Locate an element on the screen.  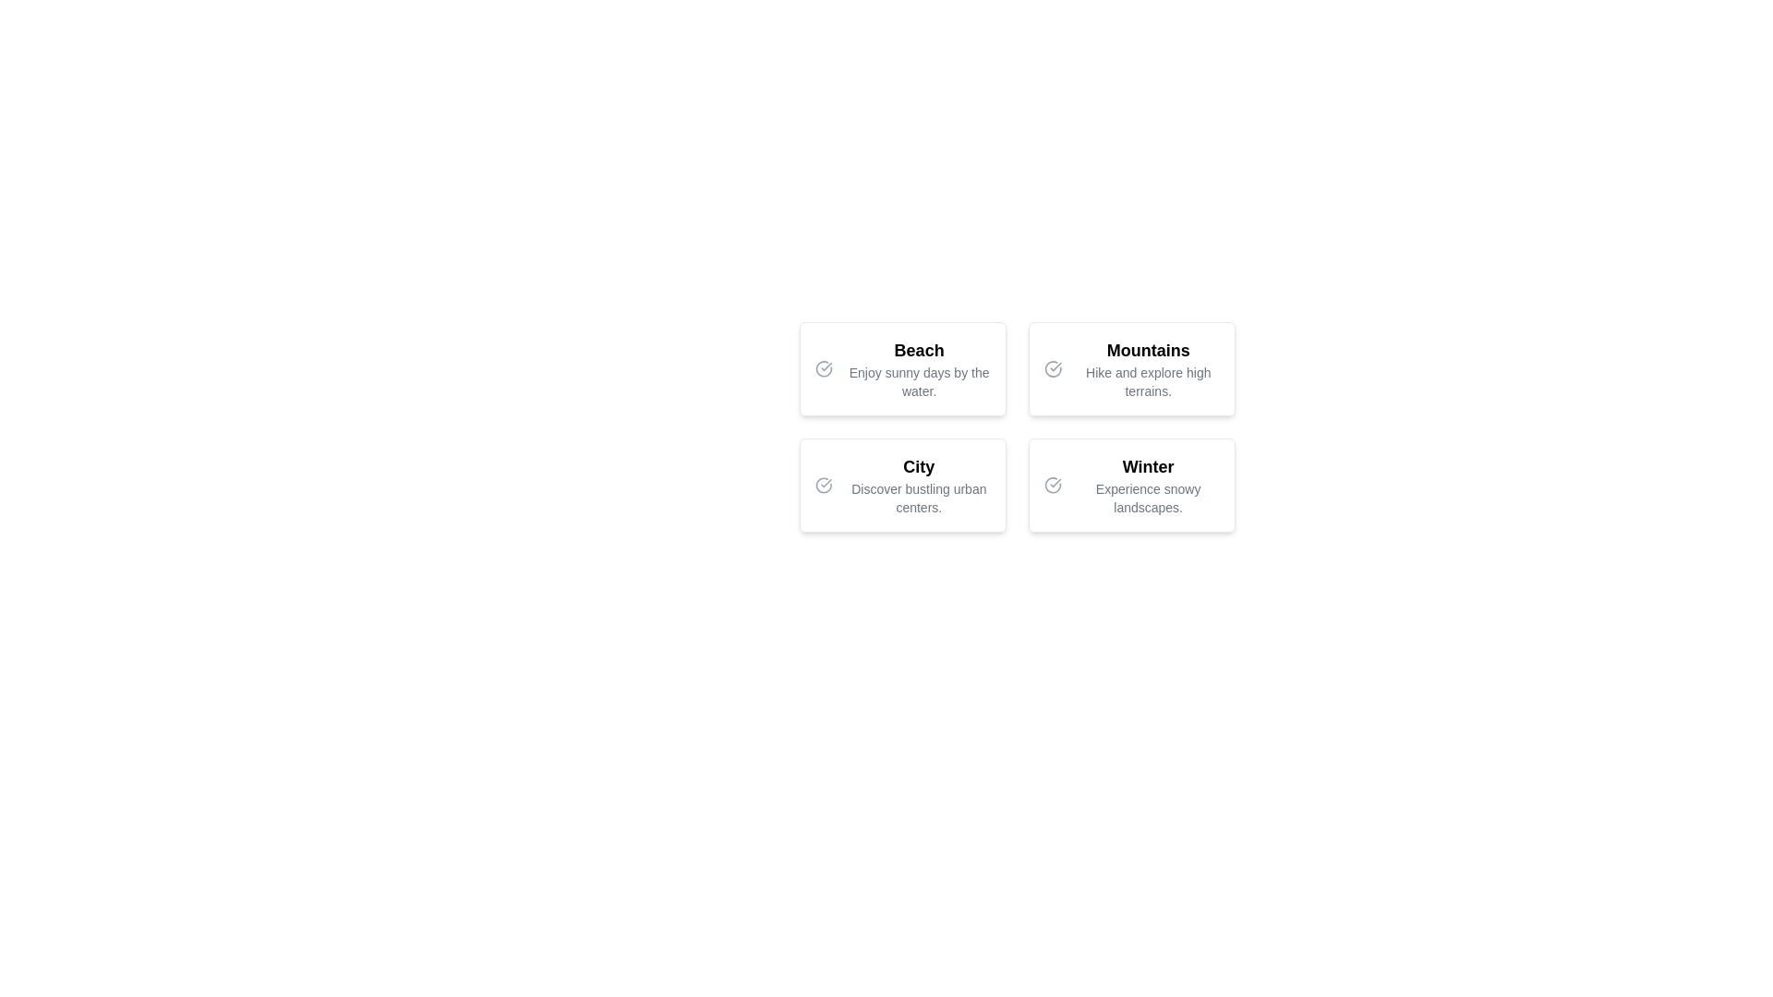
the third card in the 2x2 grid layout, which represents the 'City' option, to indicate interest is located at coordinates (903, 484).